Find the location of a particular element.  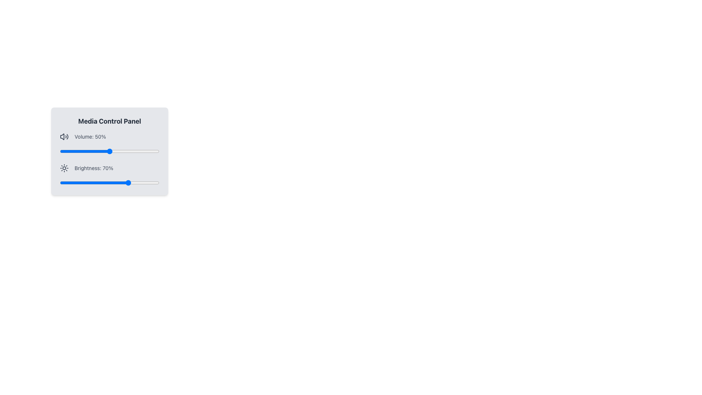

the sliders in the settings section of the Media Control Panel to adjust volume and brightness levels is located at coordinates (109, 159).